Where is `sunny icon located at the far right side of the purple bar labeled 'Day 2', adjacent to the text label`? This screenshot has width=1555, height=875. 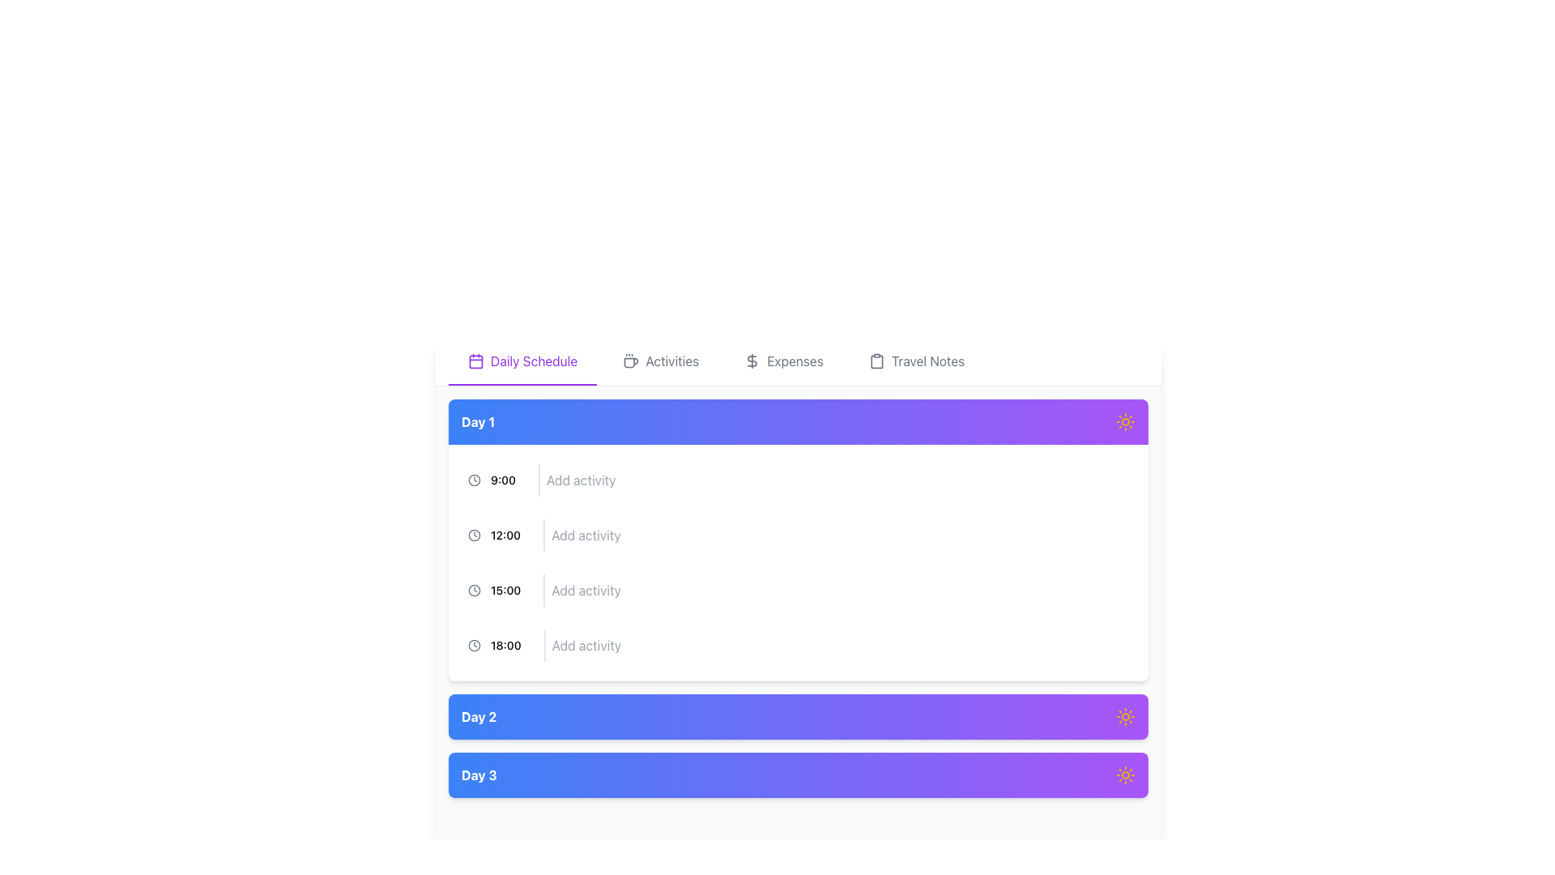 sunny icon located at the far right side of the purple bar labeled 'Day 2', adjacent to the text label is located at coordinates (1125, 715).